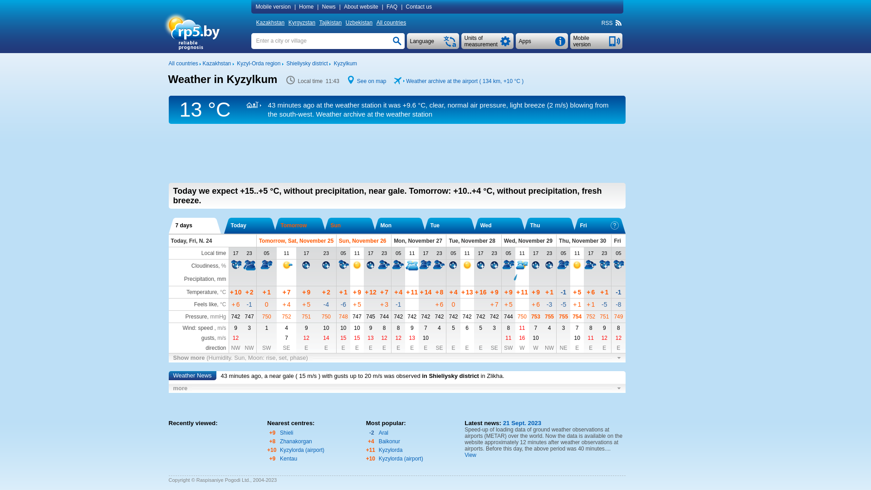 This screenshot has height=490, width=871. Describe the element at coordinates (389, 441) in the screenshot. I see `'Baikonur'` at that location.